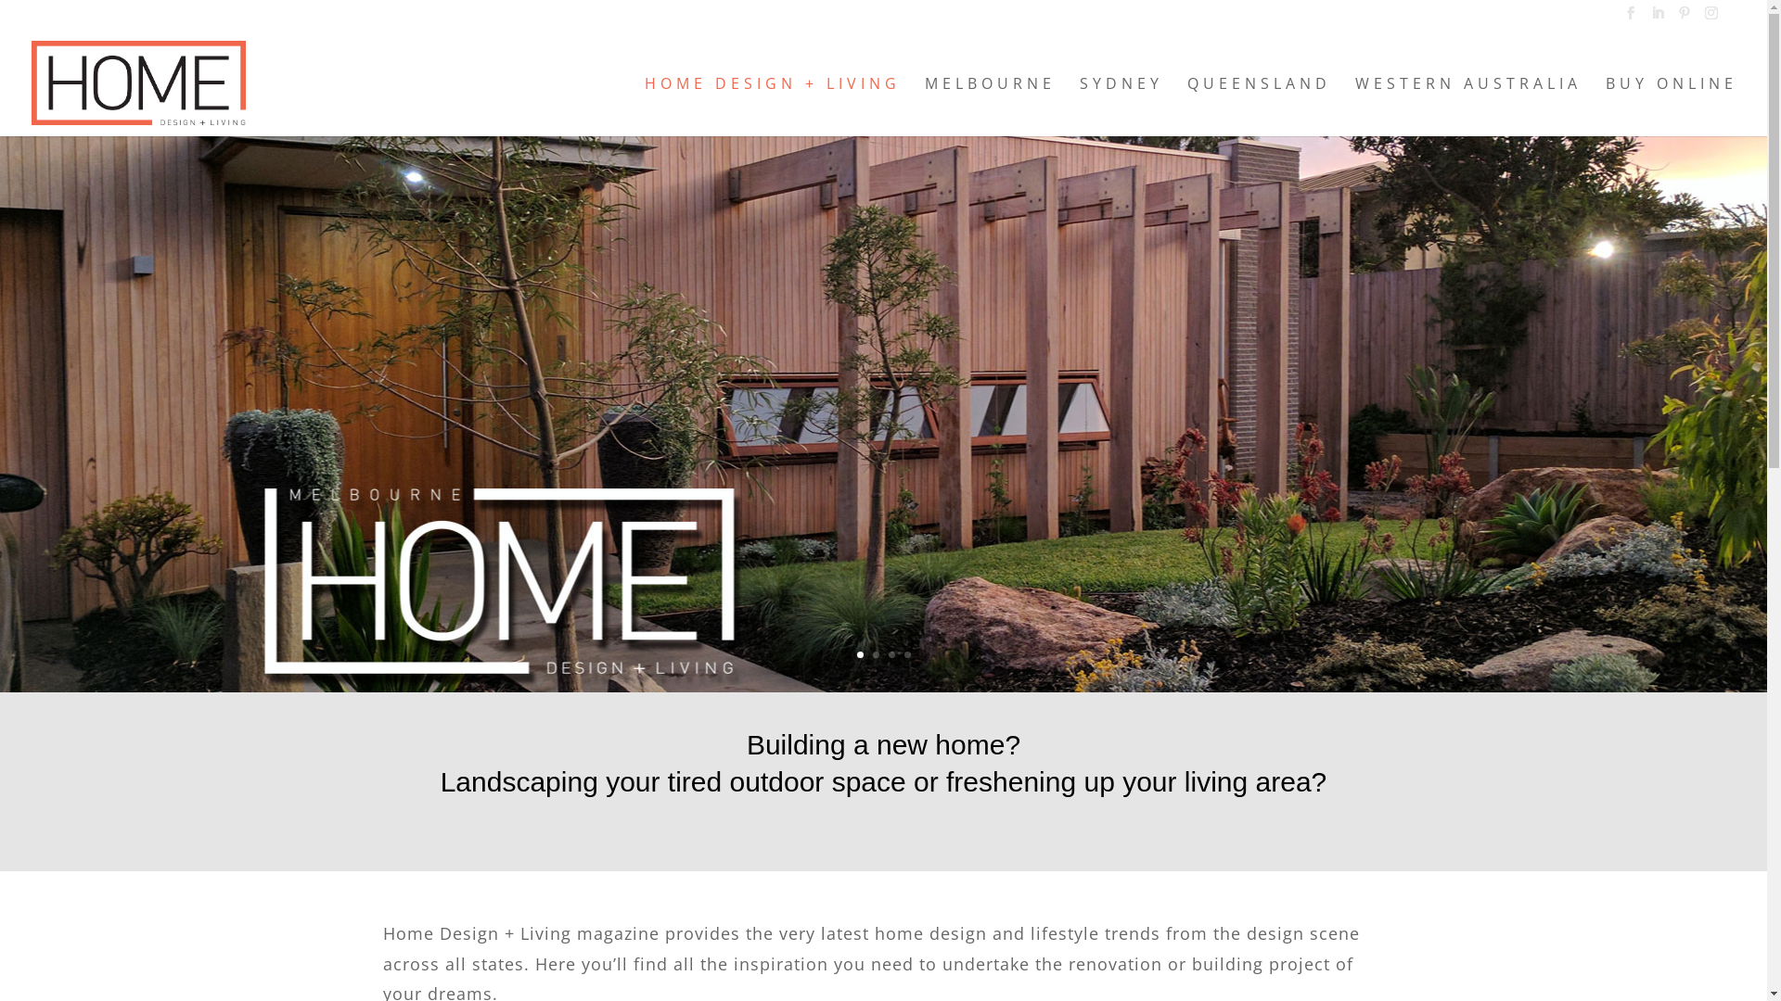 This screenshot has height=1001, width=1781. I want to click on '3', so click(891, 653).